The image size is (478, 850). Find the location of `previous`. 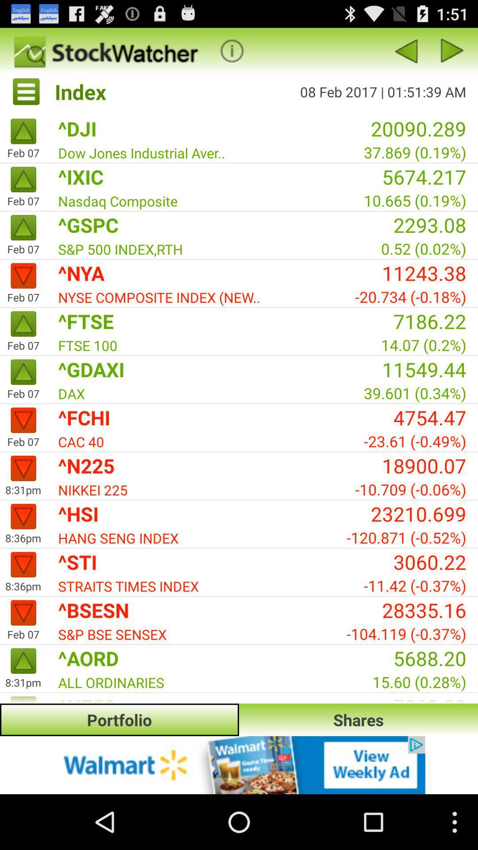

previous is located at coordinates (406, 50).